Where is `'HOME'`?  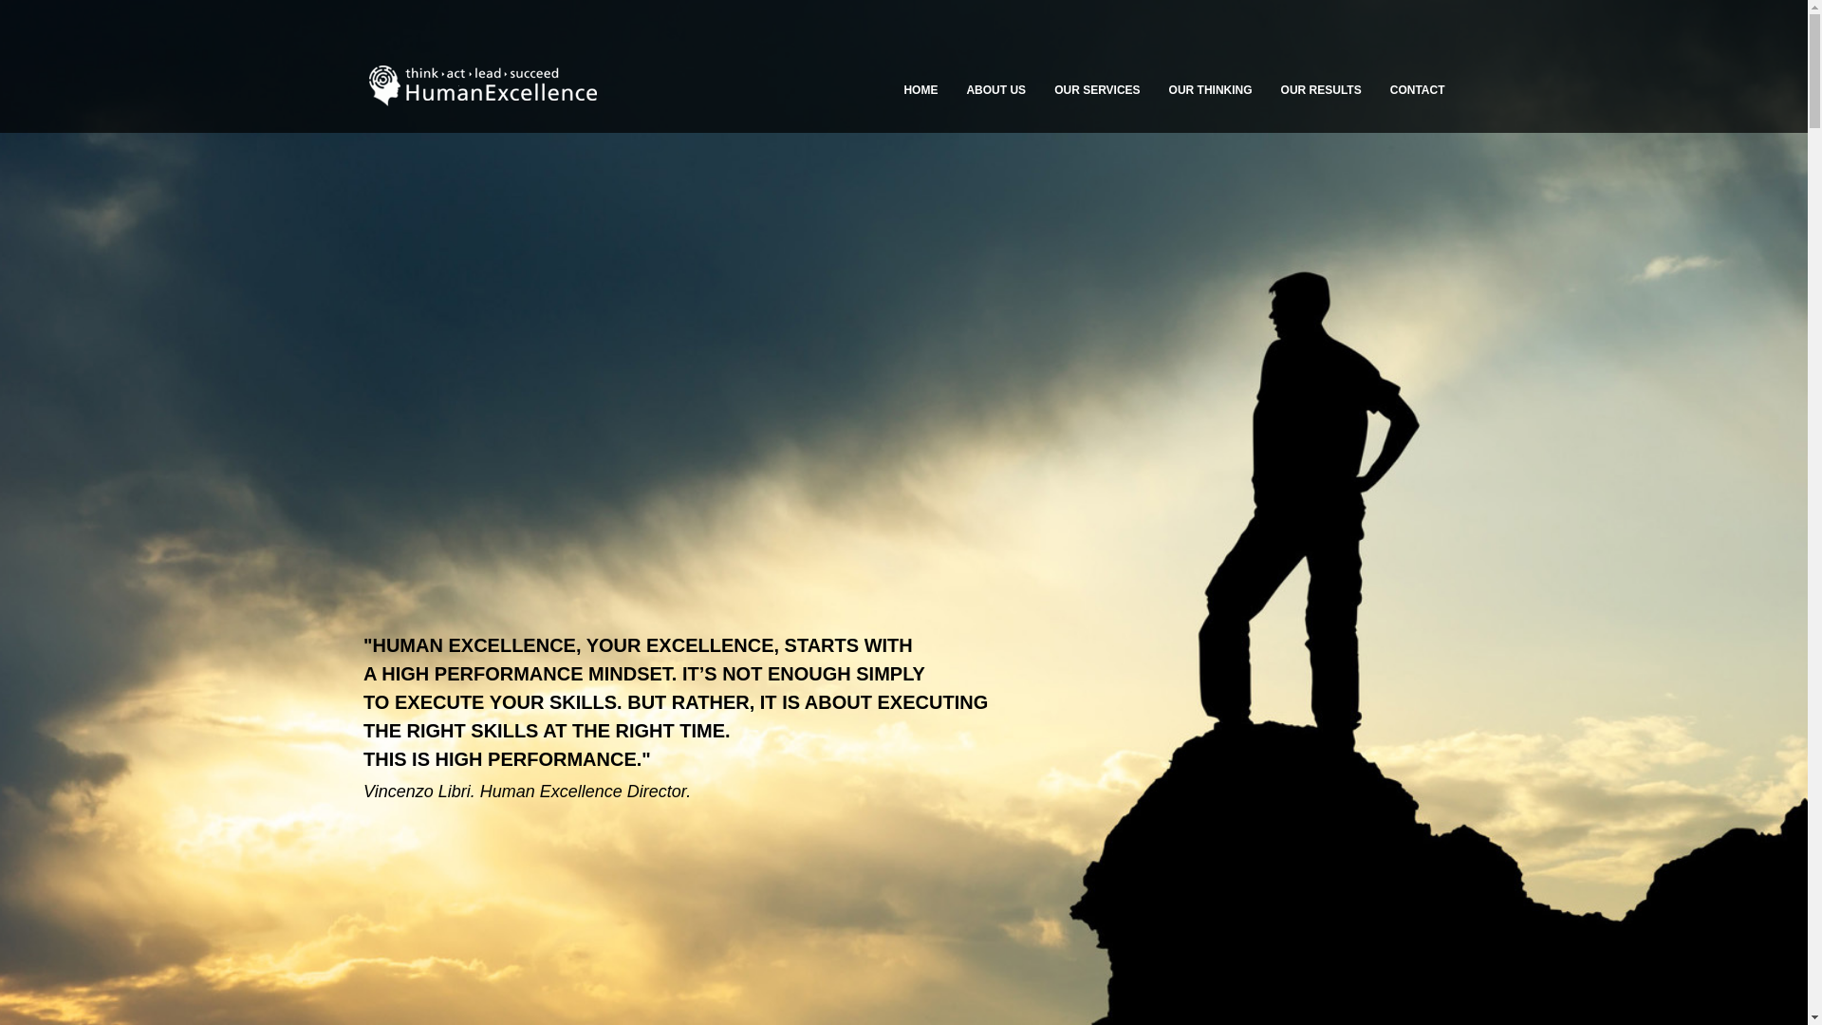
'HOME' is located at coordinates (920, 90).